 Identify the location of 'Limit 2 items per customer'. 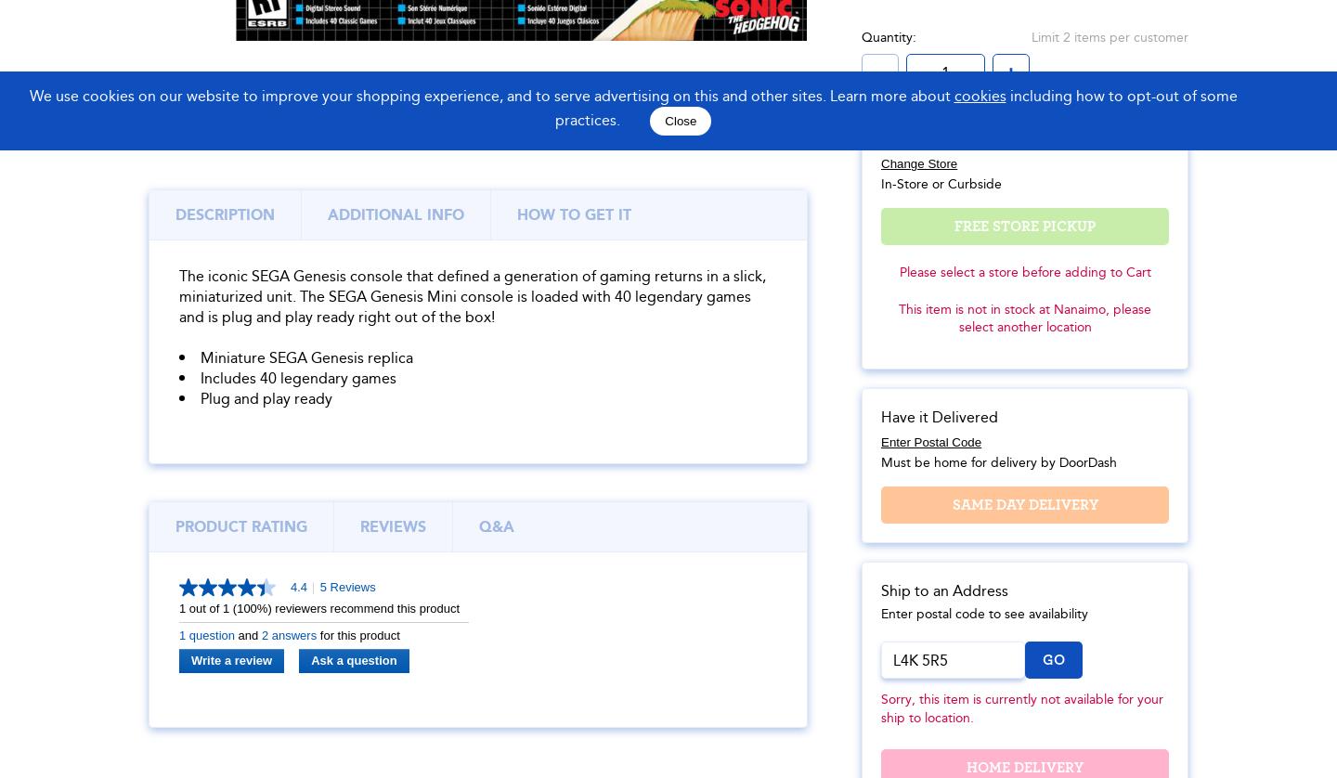
(1030, 36).